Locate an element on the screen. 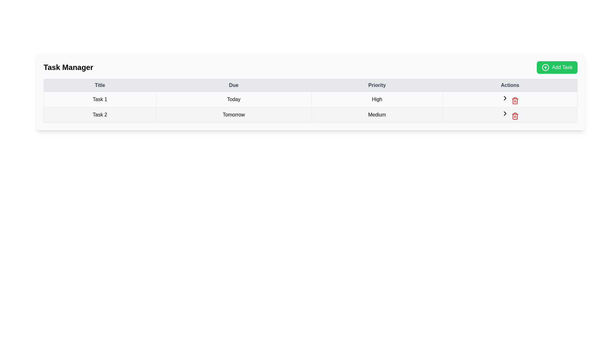 The image size is (602, 339). the text cell displaying 'Today' in the 'Due' column of the 'Task 1' row, which is styled with centered alignment inside a bordered rectangular area is located at coordinates (233, 99).